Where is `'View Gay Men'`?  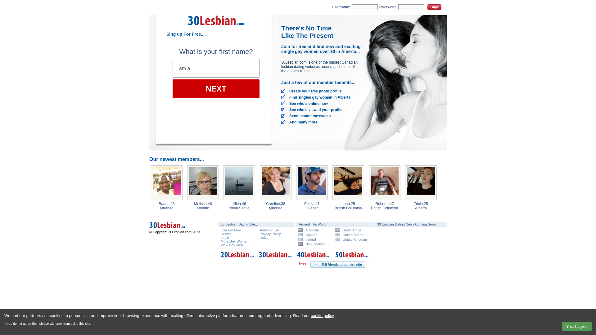
'View Gay Men' is located at coordinates (231, 245).